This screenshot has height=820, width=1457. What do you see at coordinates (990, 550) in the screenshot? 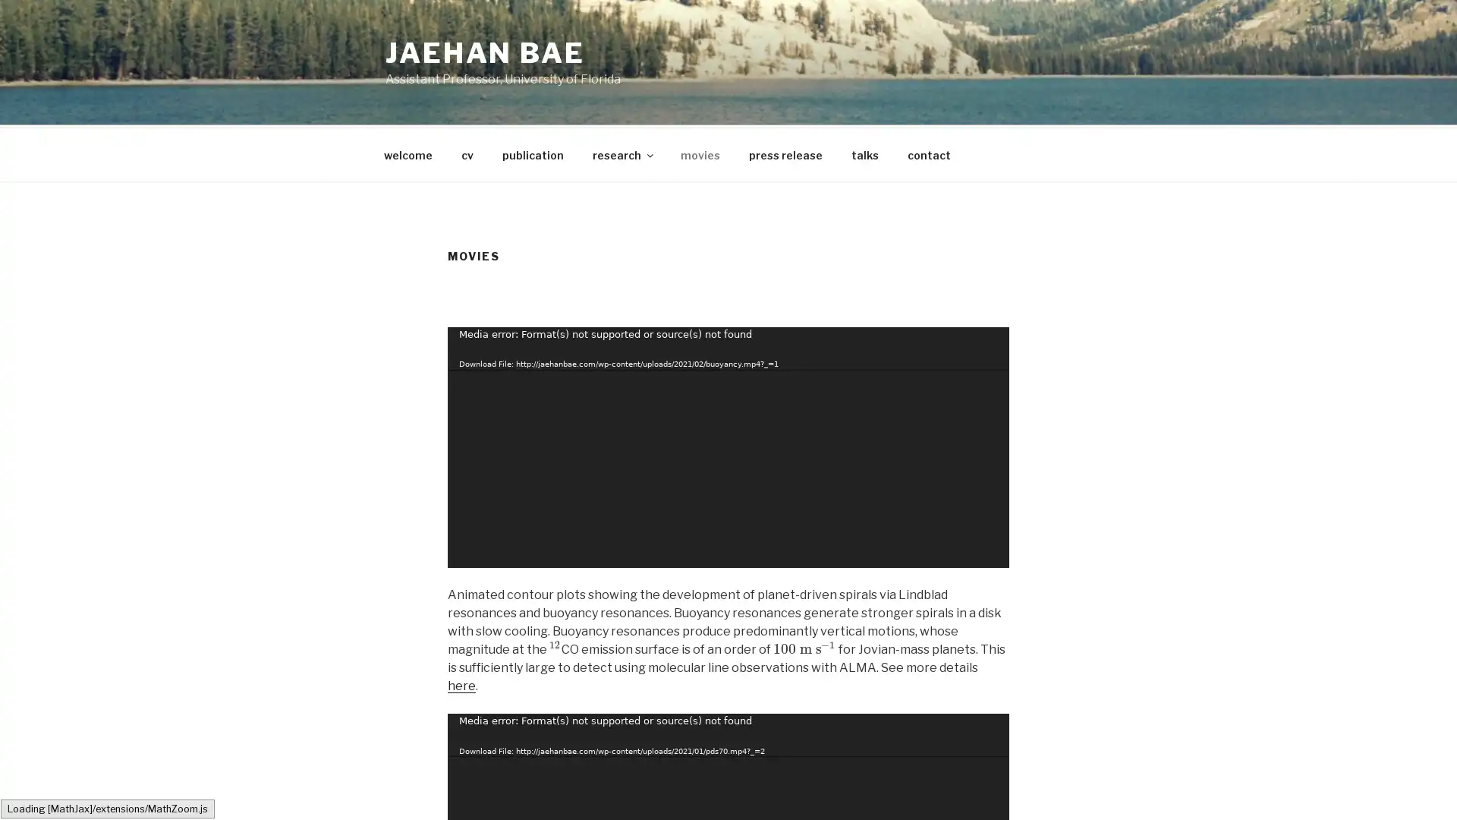
I see `Fullscreen` at bounding box center [990, 550].